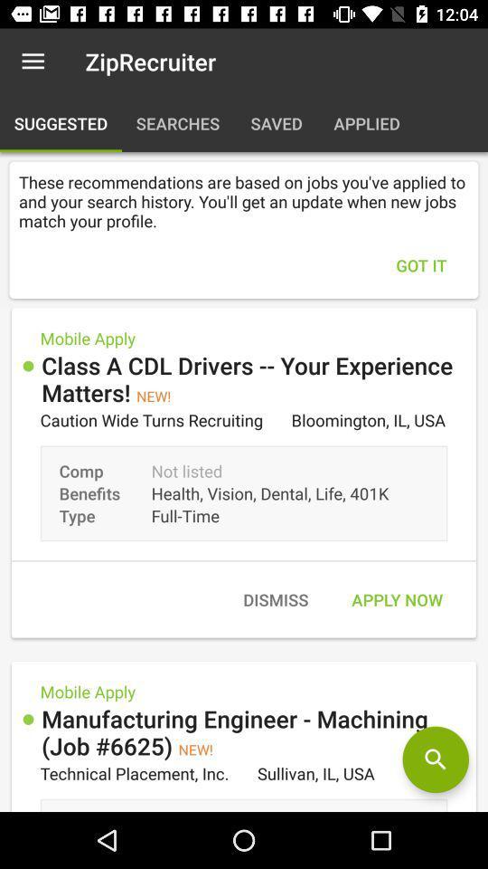 This screenshot has width=488, height=869. I want to click on search engine, so click(435, 759).